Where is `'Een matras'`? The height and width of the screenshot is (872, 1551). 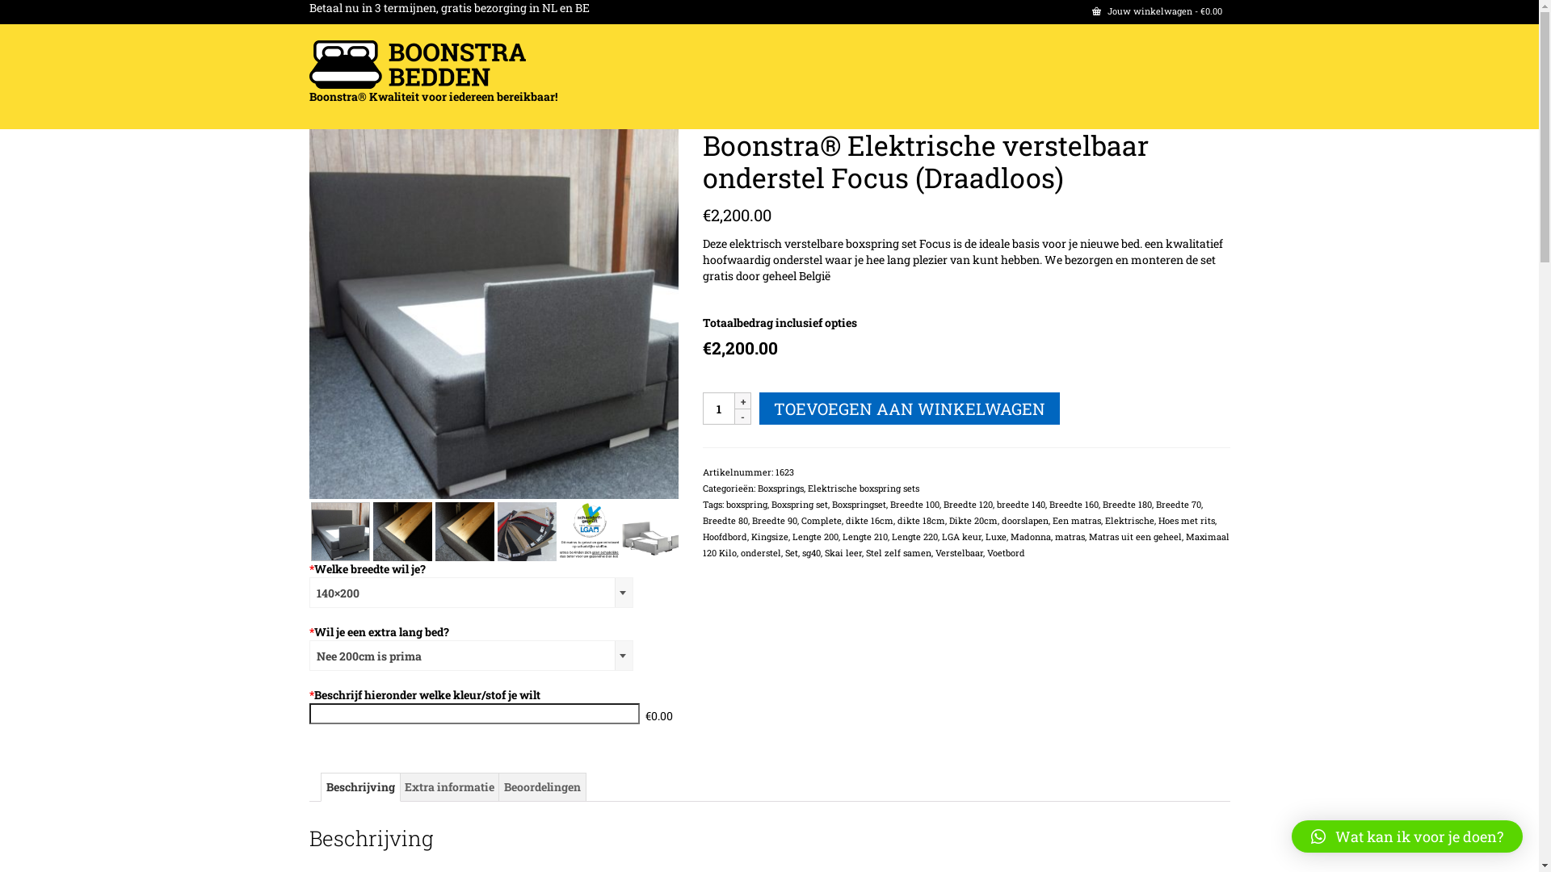
'Een matras' is located at coordinates (1077, 520).